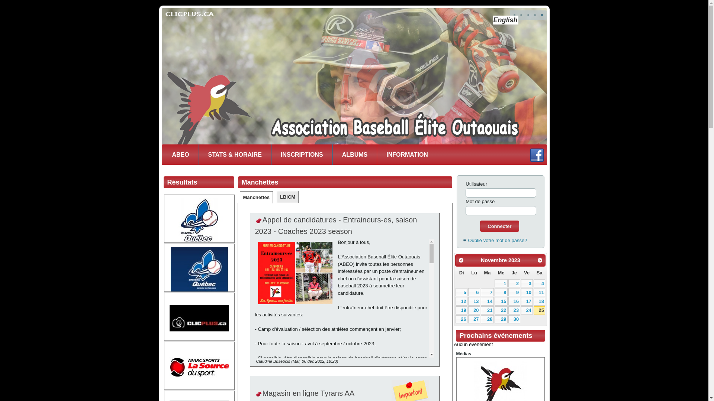  Describe the element at coordinates (260, 182) in the screenshot. I see `'Manchettes'` at that location.